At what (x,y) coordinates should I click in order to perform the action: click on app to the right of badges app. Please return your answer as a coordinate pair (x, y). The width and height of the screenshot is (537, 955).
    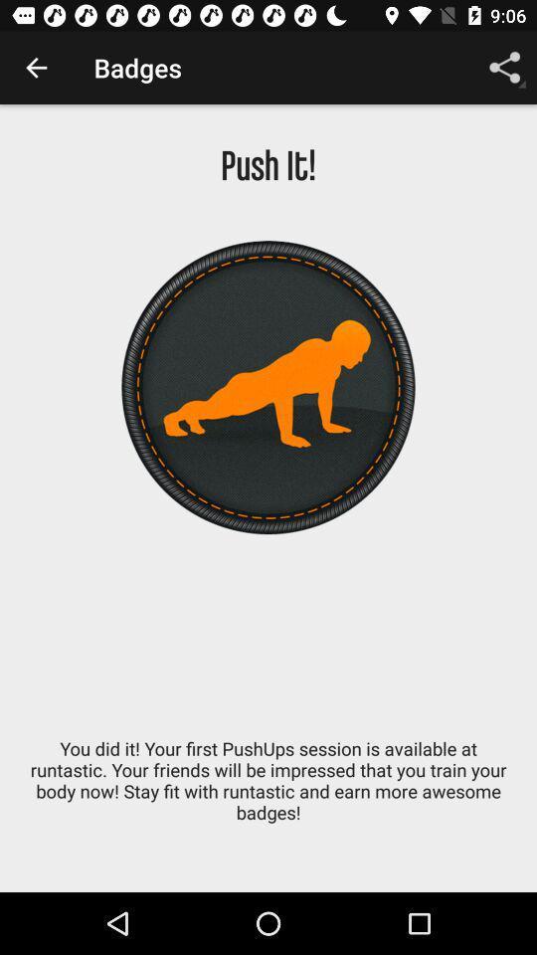
    Looking at the image, I should click on (505, 68).